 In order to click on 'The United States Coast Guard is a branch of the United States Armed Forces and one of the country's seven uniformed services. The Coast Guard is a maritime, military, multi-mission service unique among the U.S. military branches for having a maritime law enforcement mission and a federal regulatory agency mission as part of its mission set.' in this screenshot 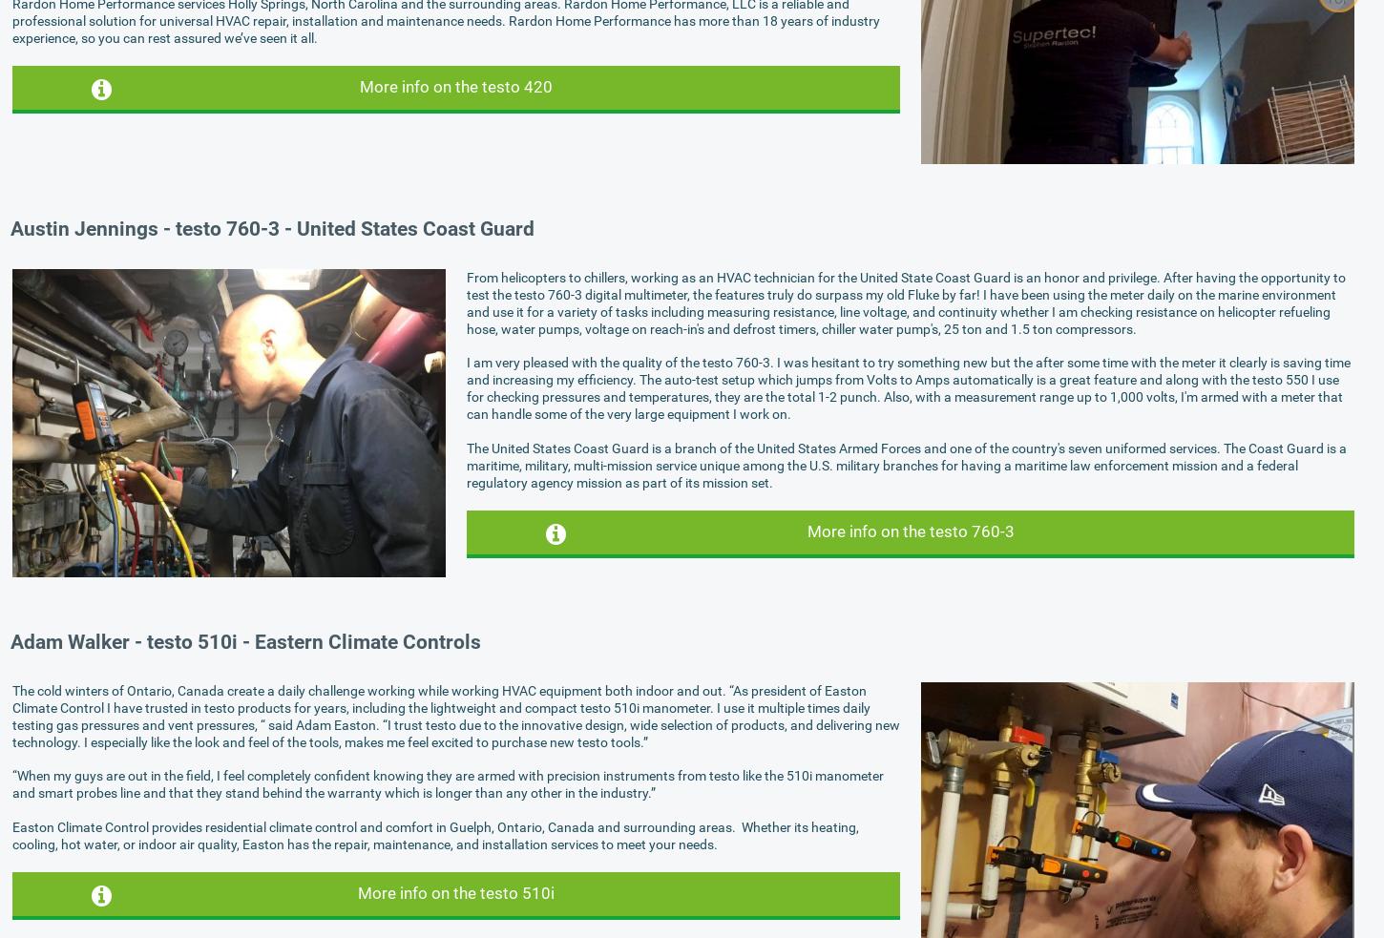, I will do `click(906, 463)`.